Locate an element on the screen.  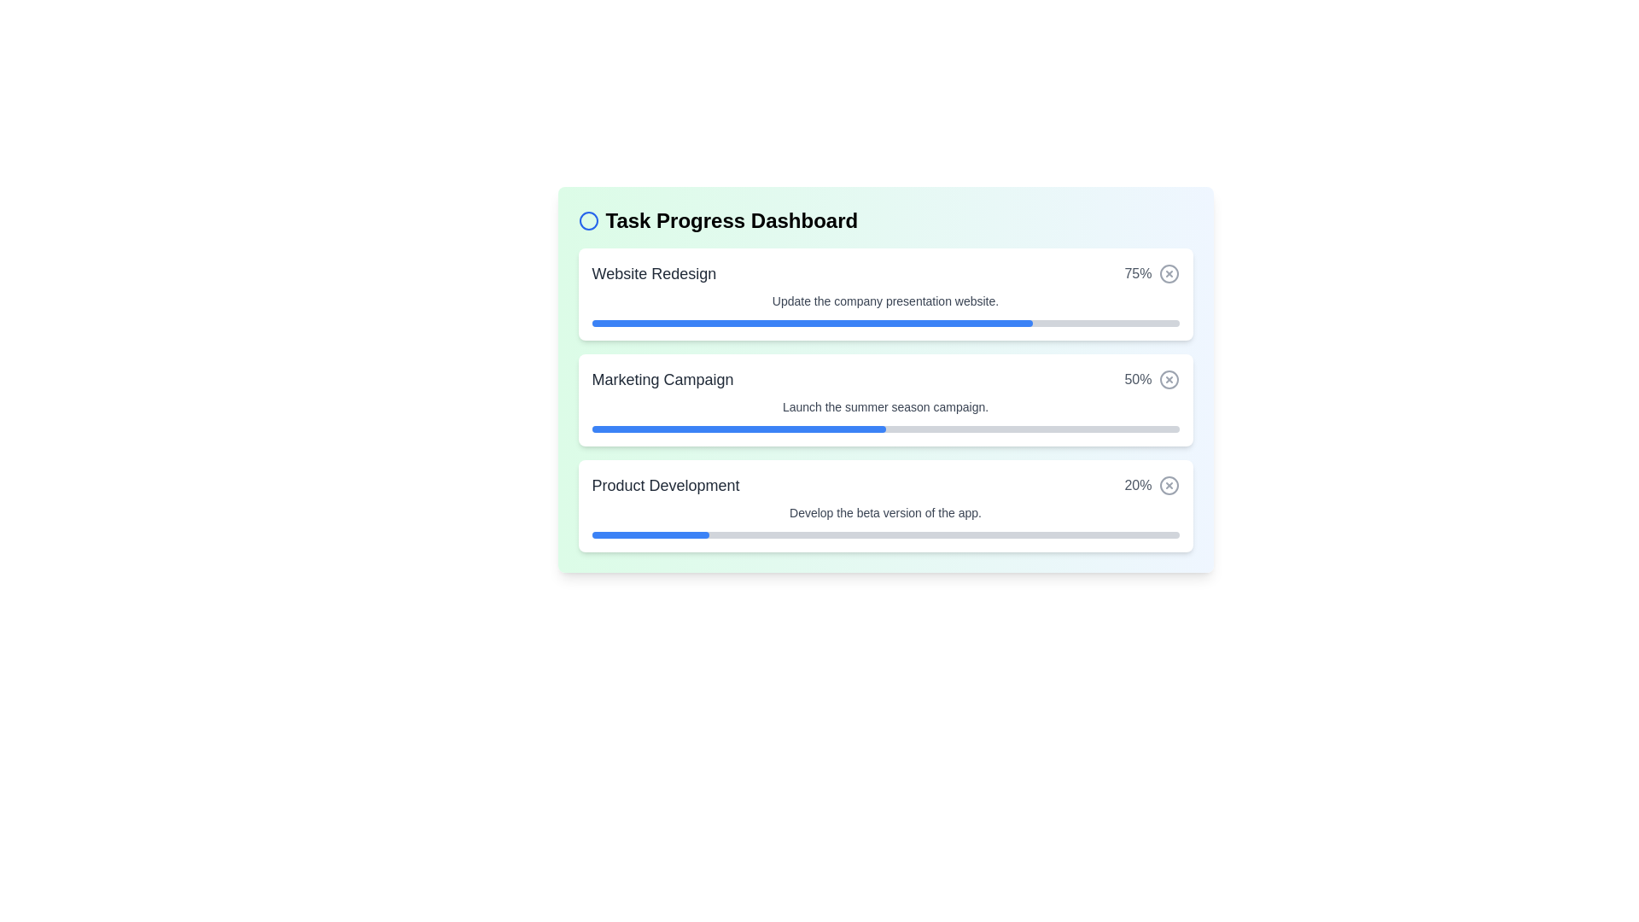
the static text label displaying 'Marketing Campaign', which is styled with a large bold font and is located in the second task row of the 'Task Progress Dashboard' is located at coordinates (662, 378).